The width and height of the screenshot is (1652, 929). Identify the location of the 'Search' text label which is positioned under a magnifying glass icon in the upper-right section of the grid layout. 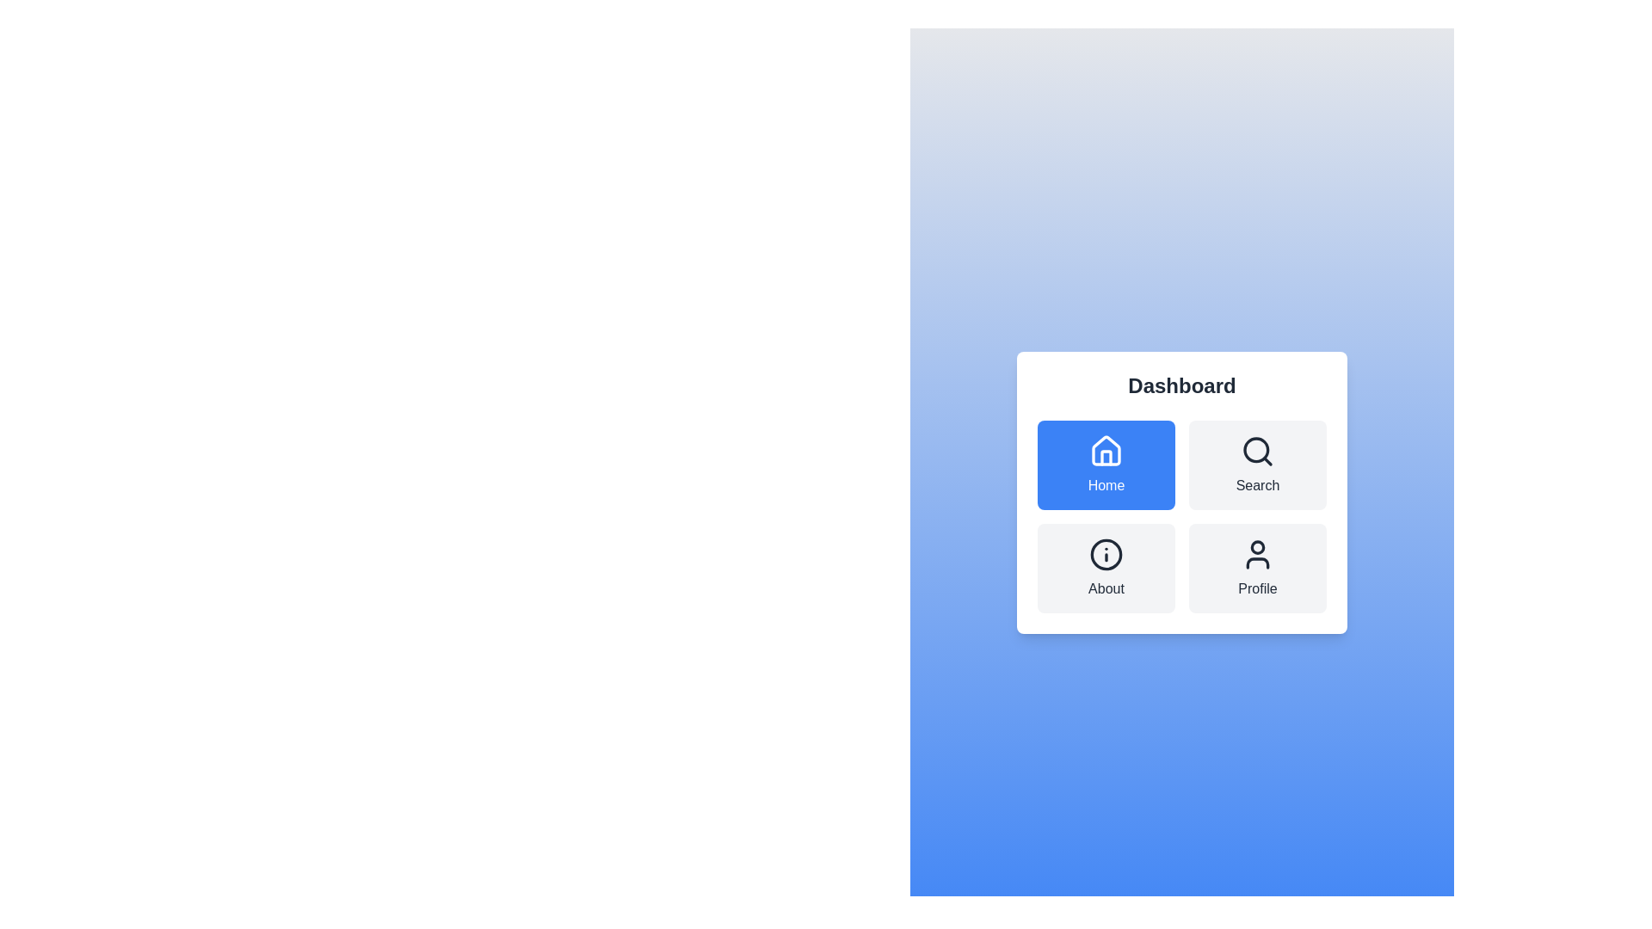
(1258, 485).